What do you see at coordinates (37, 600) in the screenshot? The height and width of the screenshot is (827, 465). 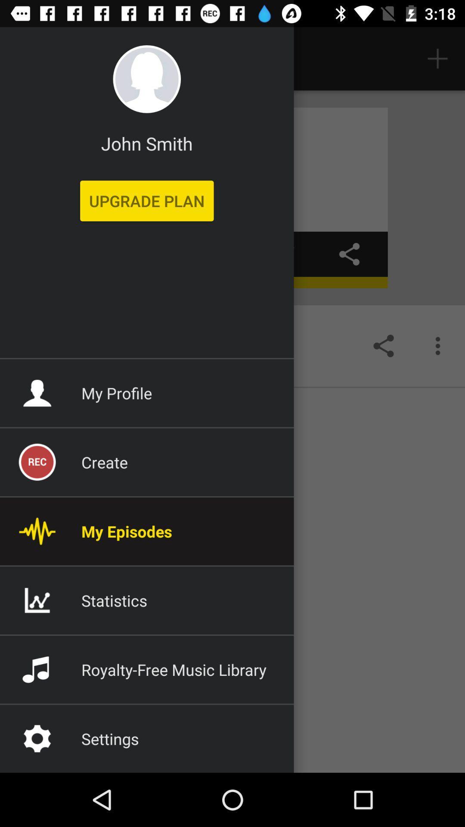 I see `the icon which to the left side of statistics option` at bounding box center [37, 600].